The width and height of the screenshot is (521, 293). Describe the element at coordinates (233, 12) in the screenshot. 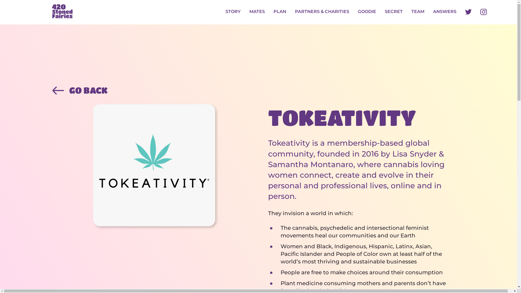

I see `'STORY'` at that location.